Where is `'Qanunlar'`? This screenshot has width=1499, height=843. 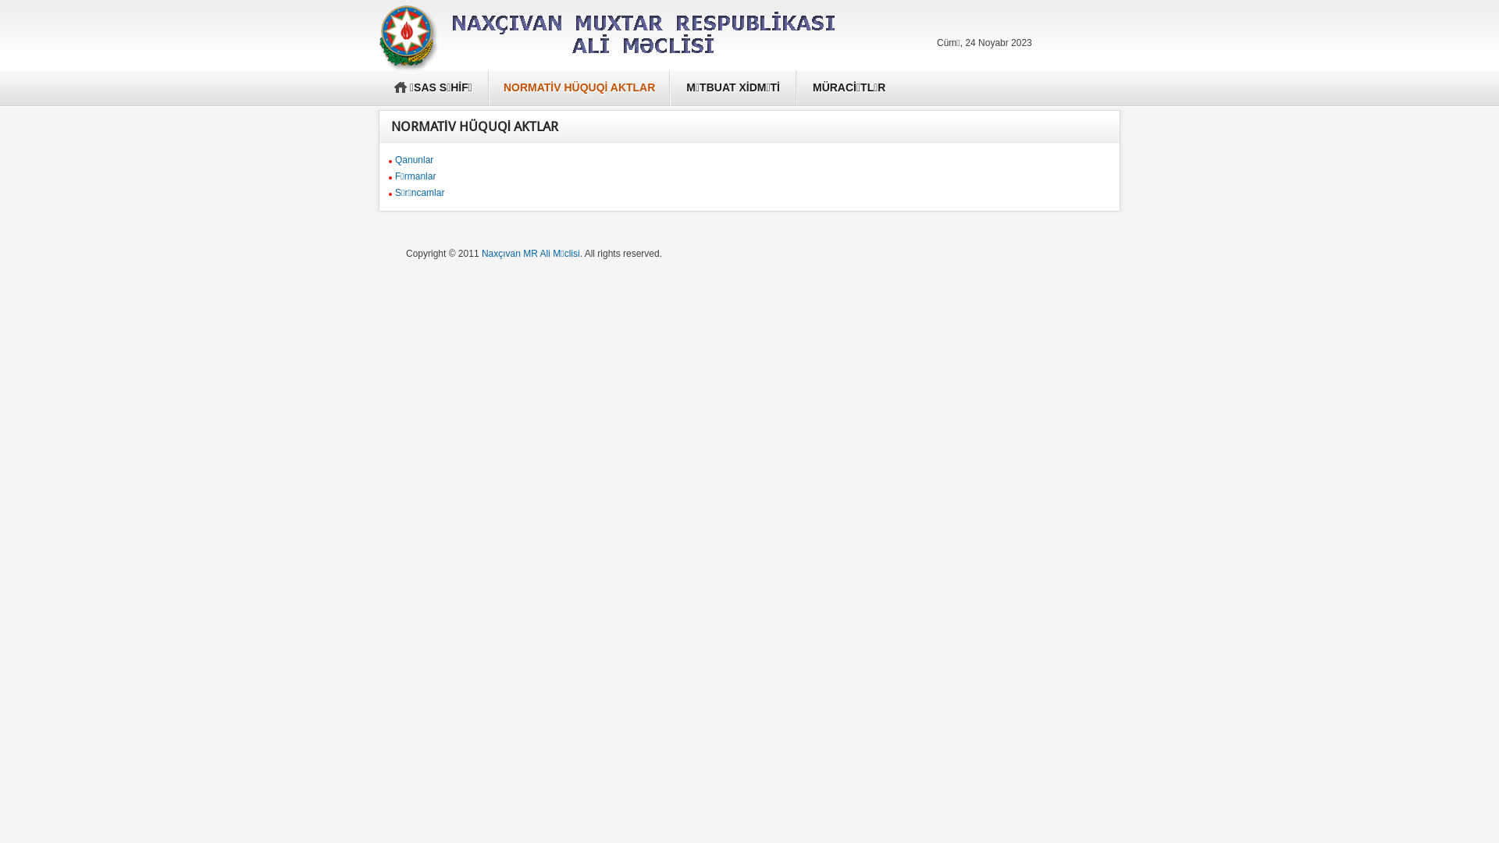
'Qanunlar' is located at coordinates (414, 159).